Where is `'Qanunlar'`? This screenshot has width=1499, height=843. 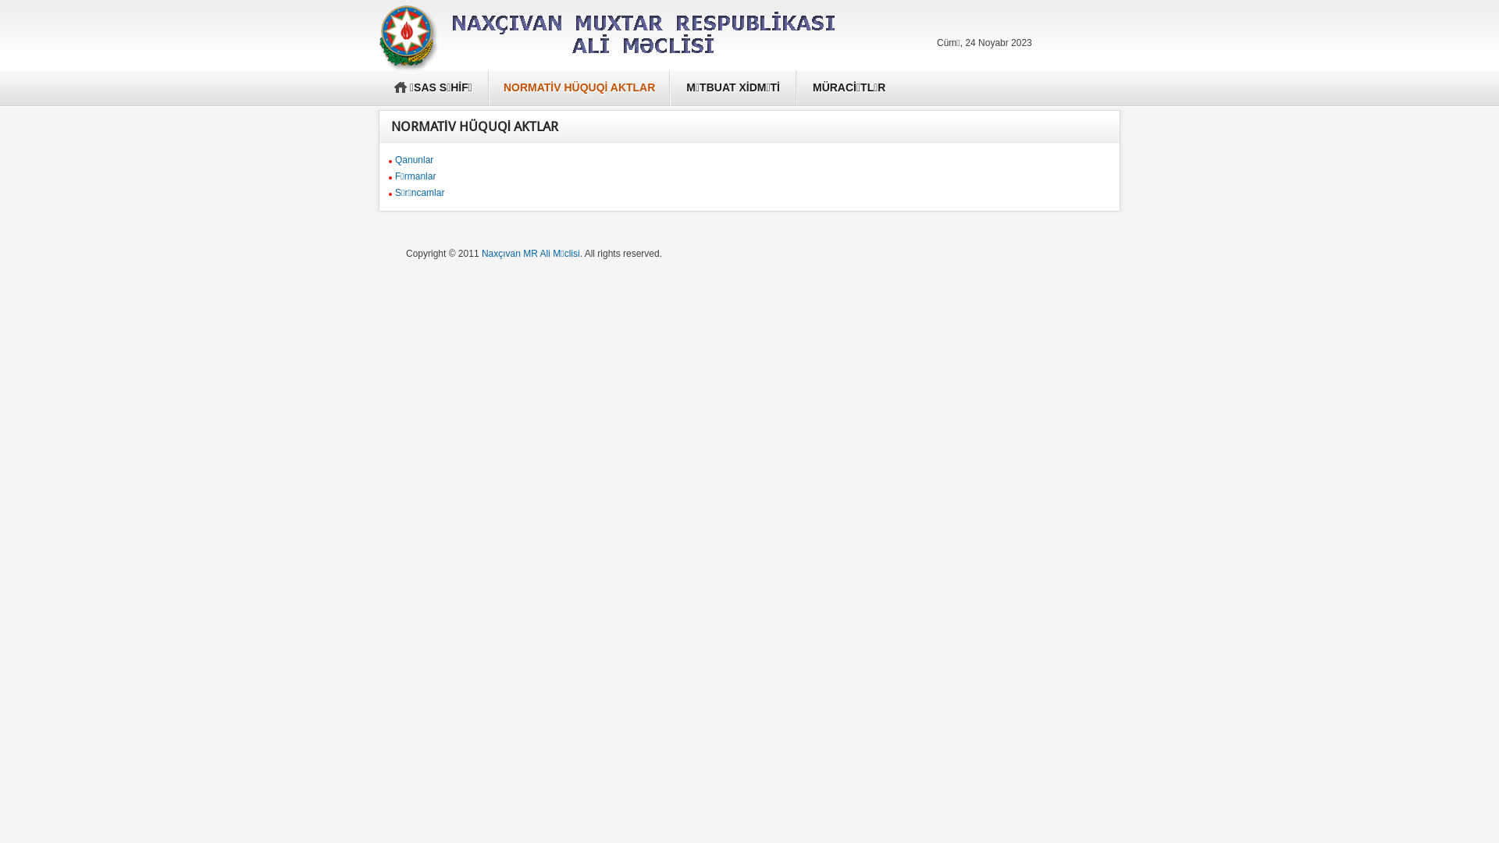
'Qanunlar' is located at coordinates (414, 159).